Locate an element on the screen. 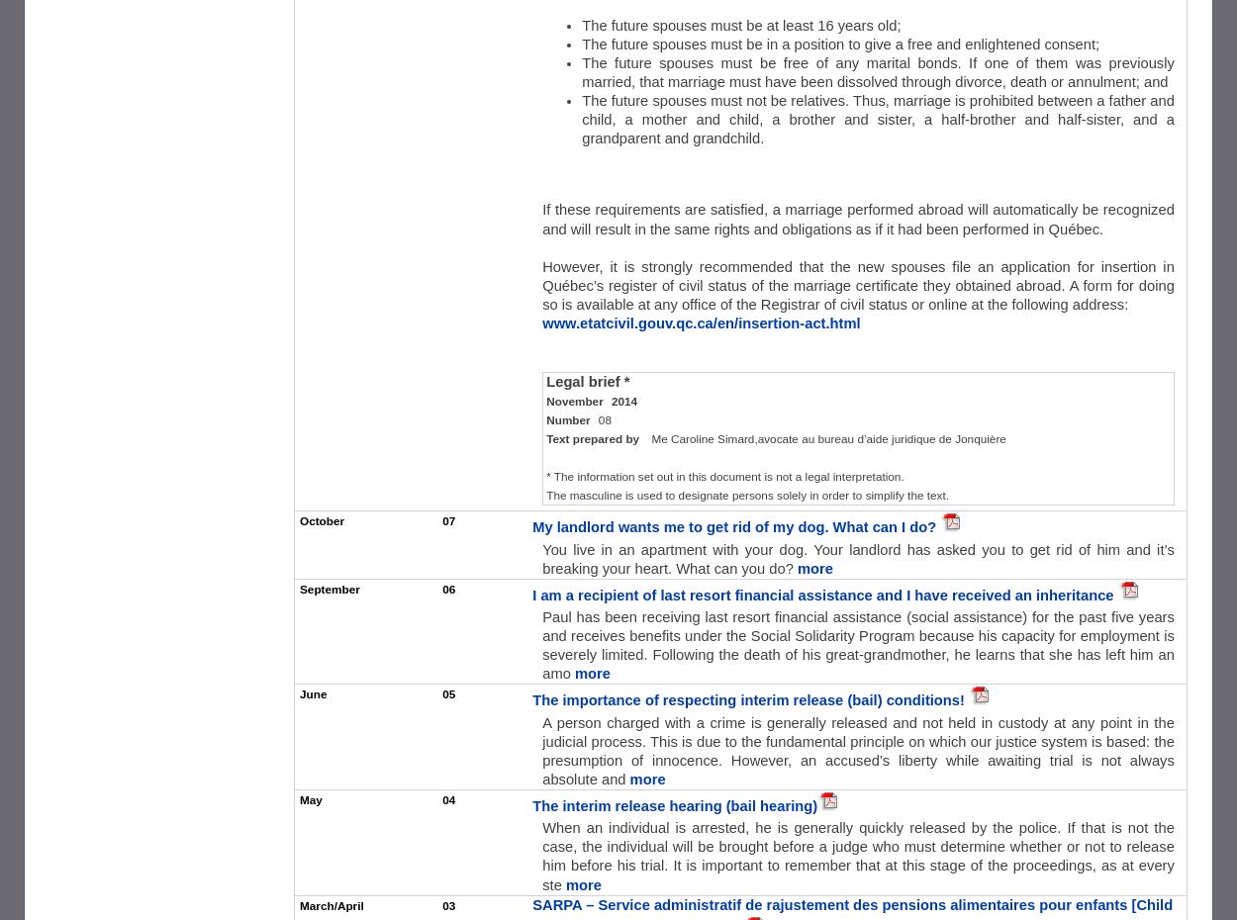 The image size is (1237, 920). 'The future spouses must not be relatives. Thus, marriage is prohibited between a father and child, a mother and child, a brother and sister, a half-brother and half-sister, and a grandparent and grandchild.' is located at coordinates (878, 119).